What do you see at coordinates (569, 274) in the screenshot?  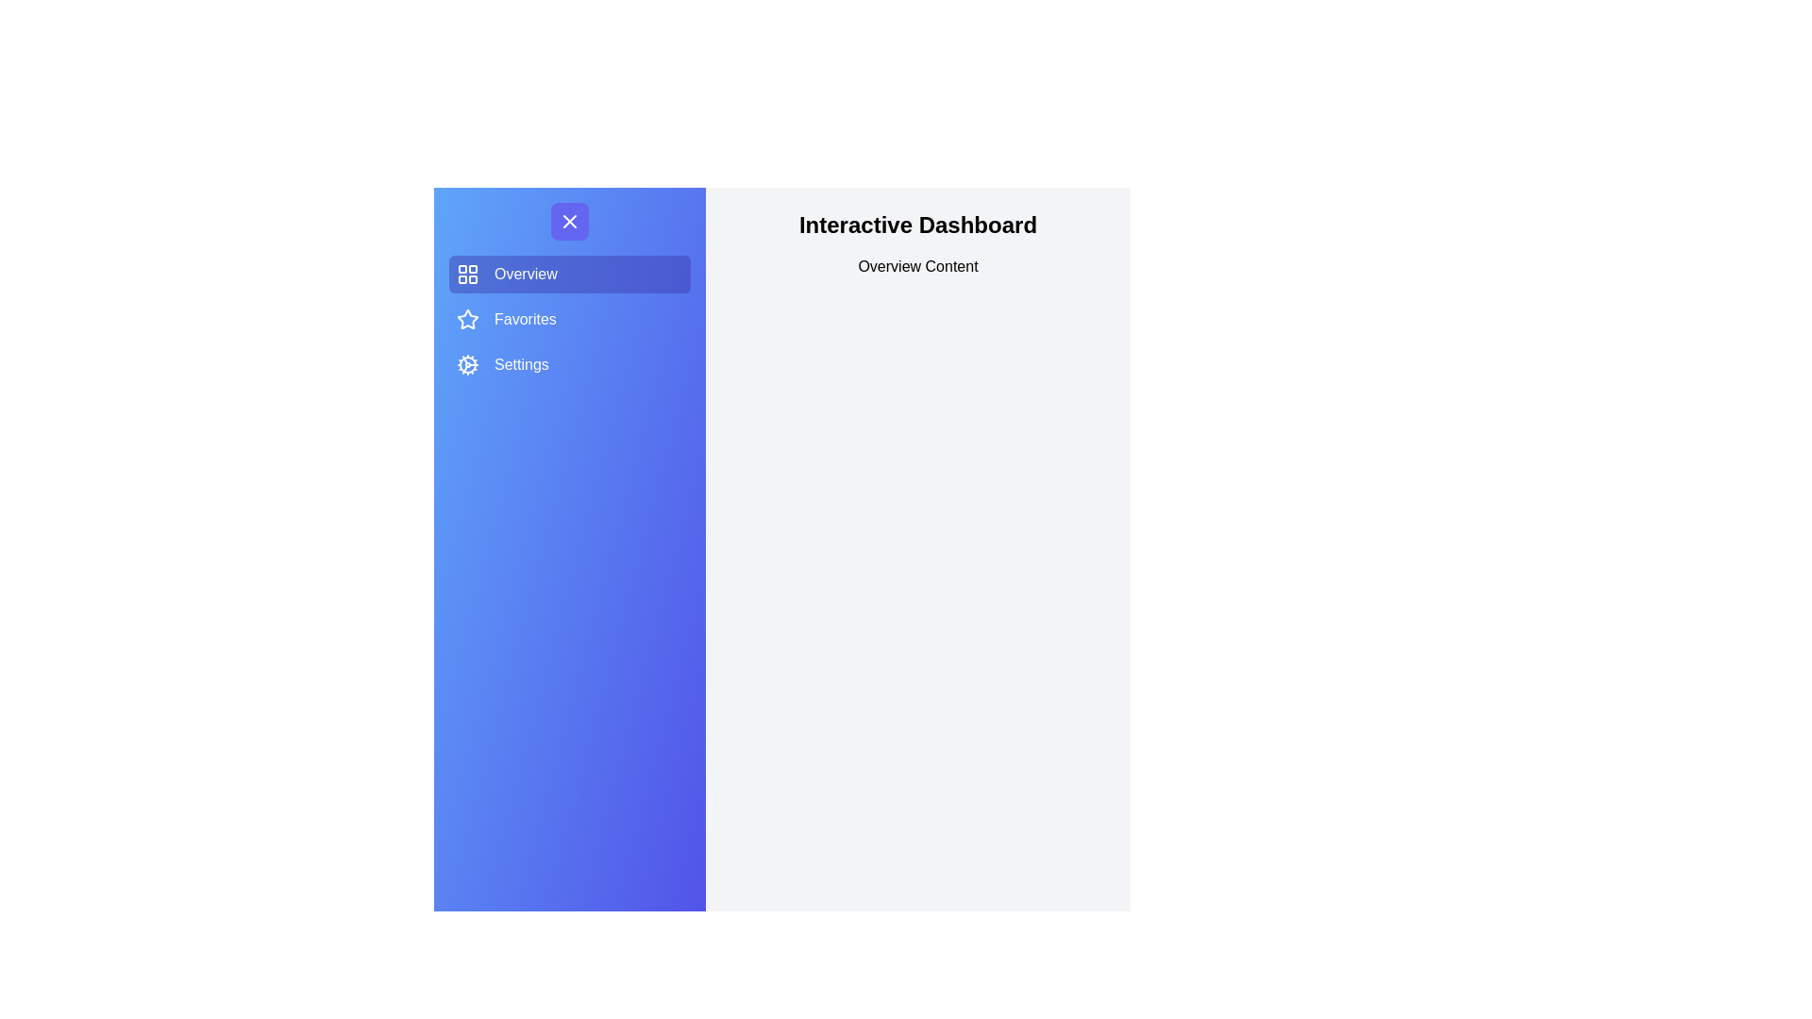 I see `the menu item labeled Overview to observe its hover effect` at bounding box center [569, 274].